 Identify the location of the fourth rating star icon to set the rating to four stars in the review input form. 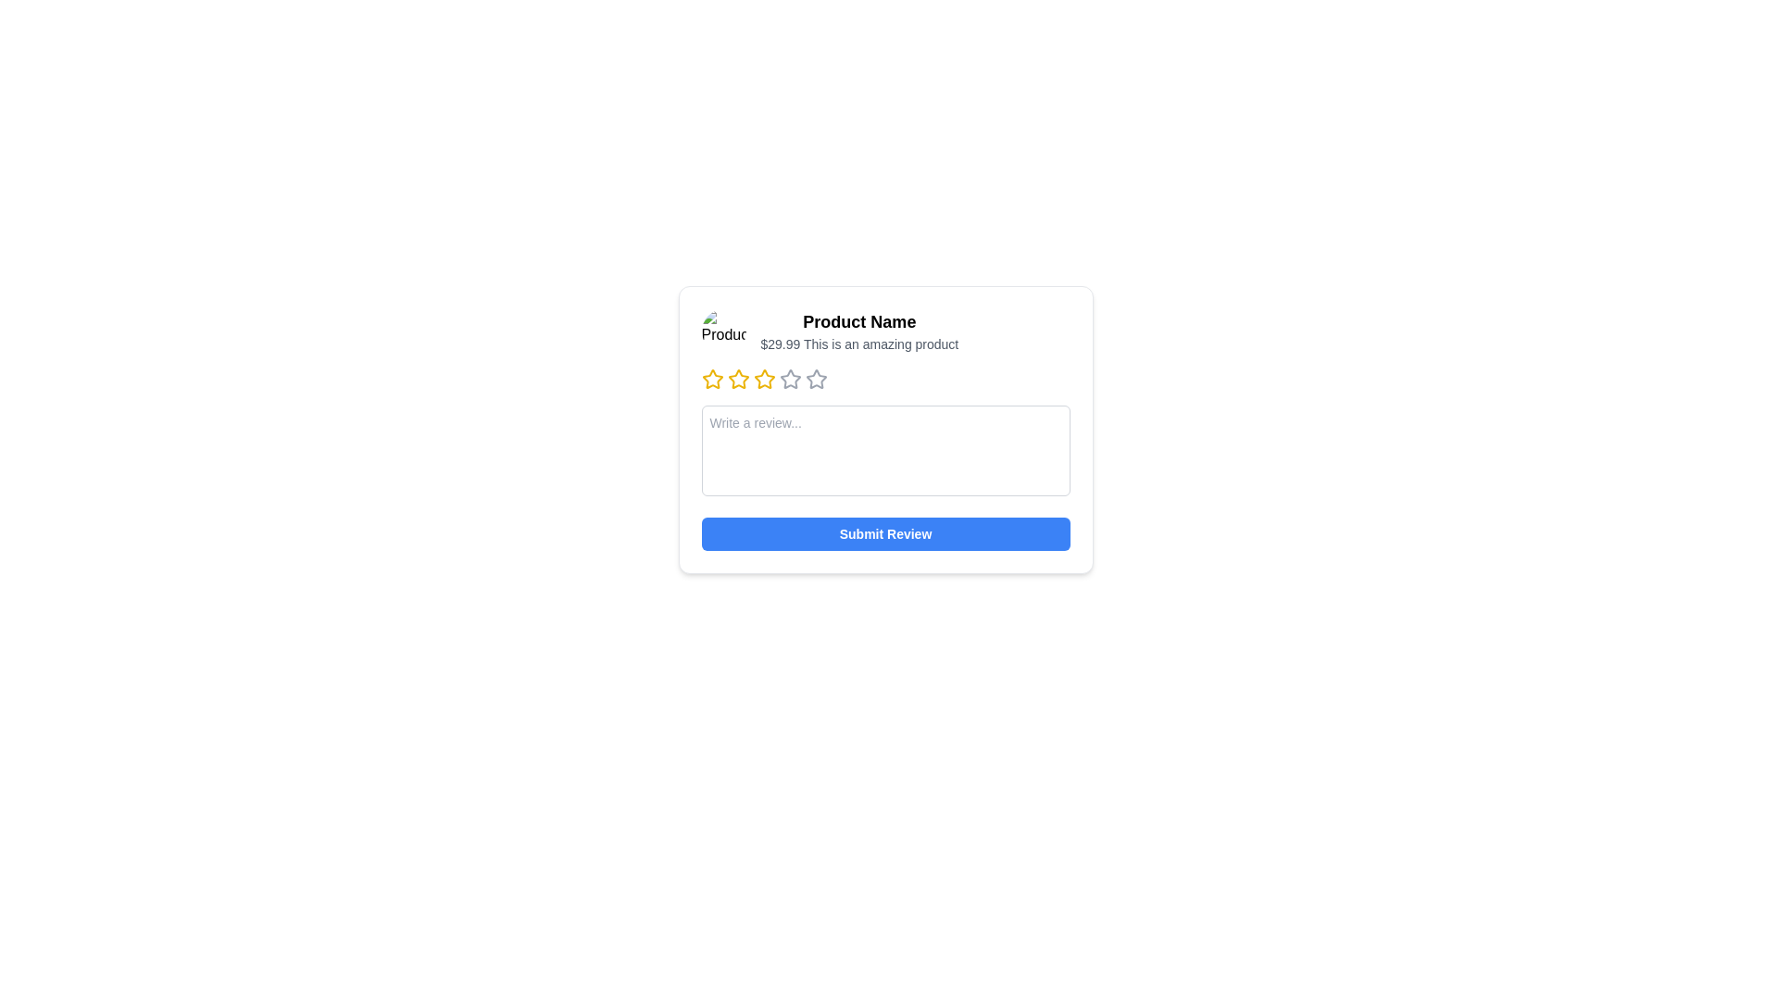
(790, 378).